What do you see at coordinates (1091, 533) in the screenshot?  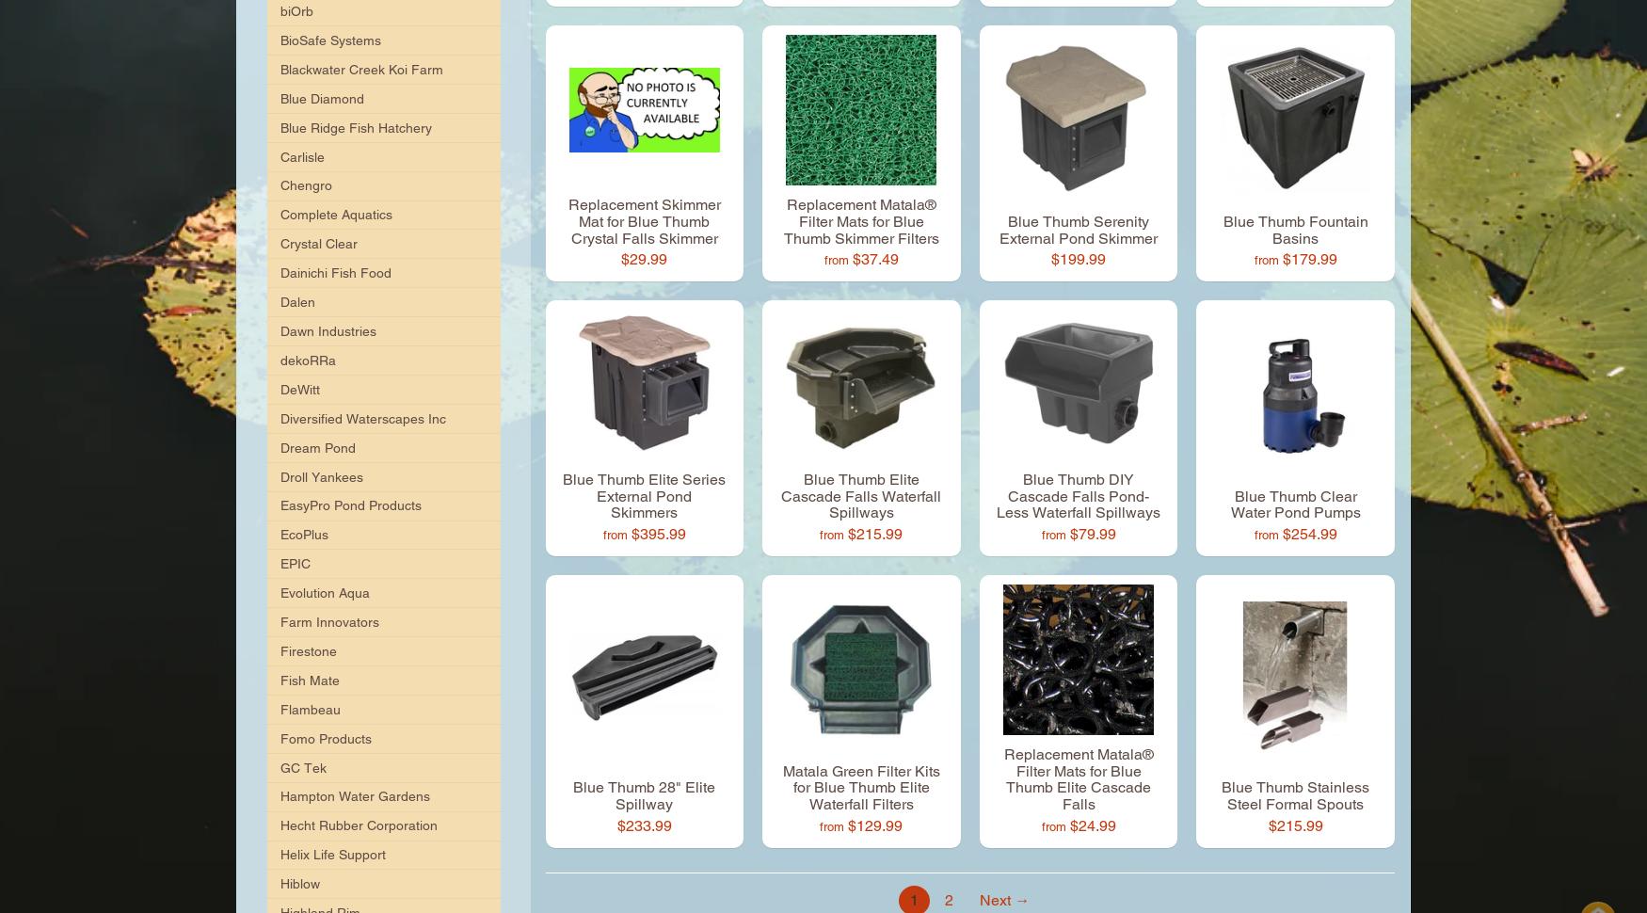 I see `'$79.99'` at bounding box center [1091, 533].